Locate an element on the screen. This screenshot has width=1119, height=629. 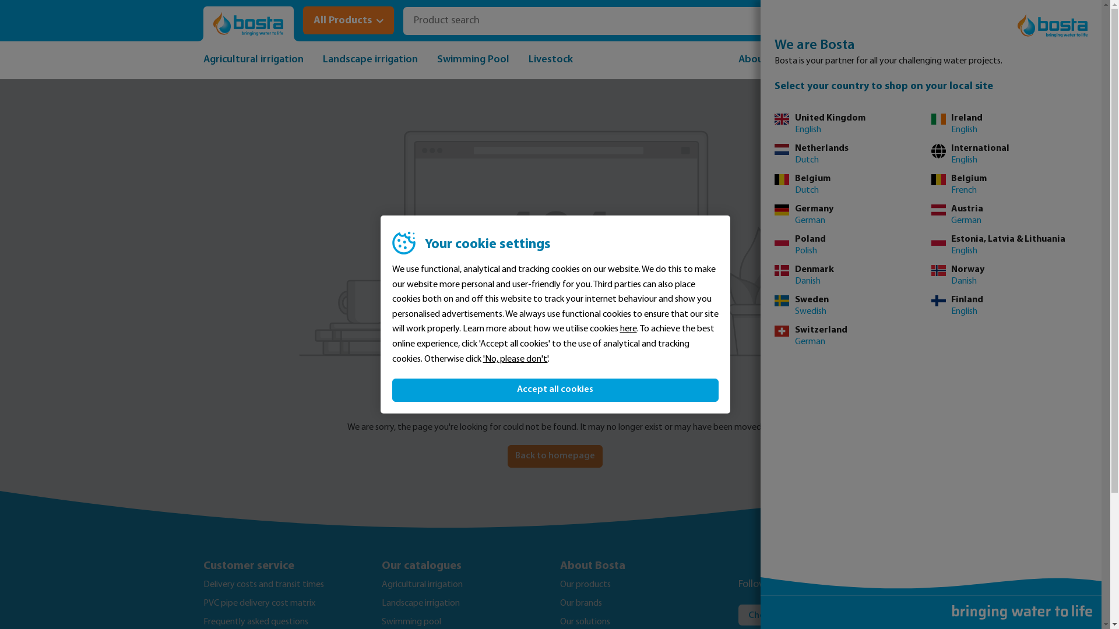
'Finland is located at coordinates (1009, 305).